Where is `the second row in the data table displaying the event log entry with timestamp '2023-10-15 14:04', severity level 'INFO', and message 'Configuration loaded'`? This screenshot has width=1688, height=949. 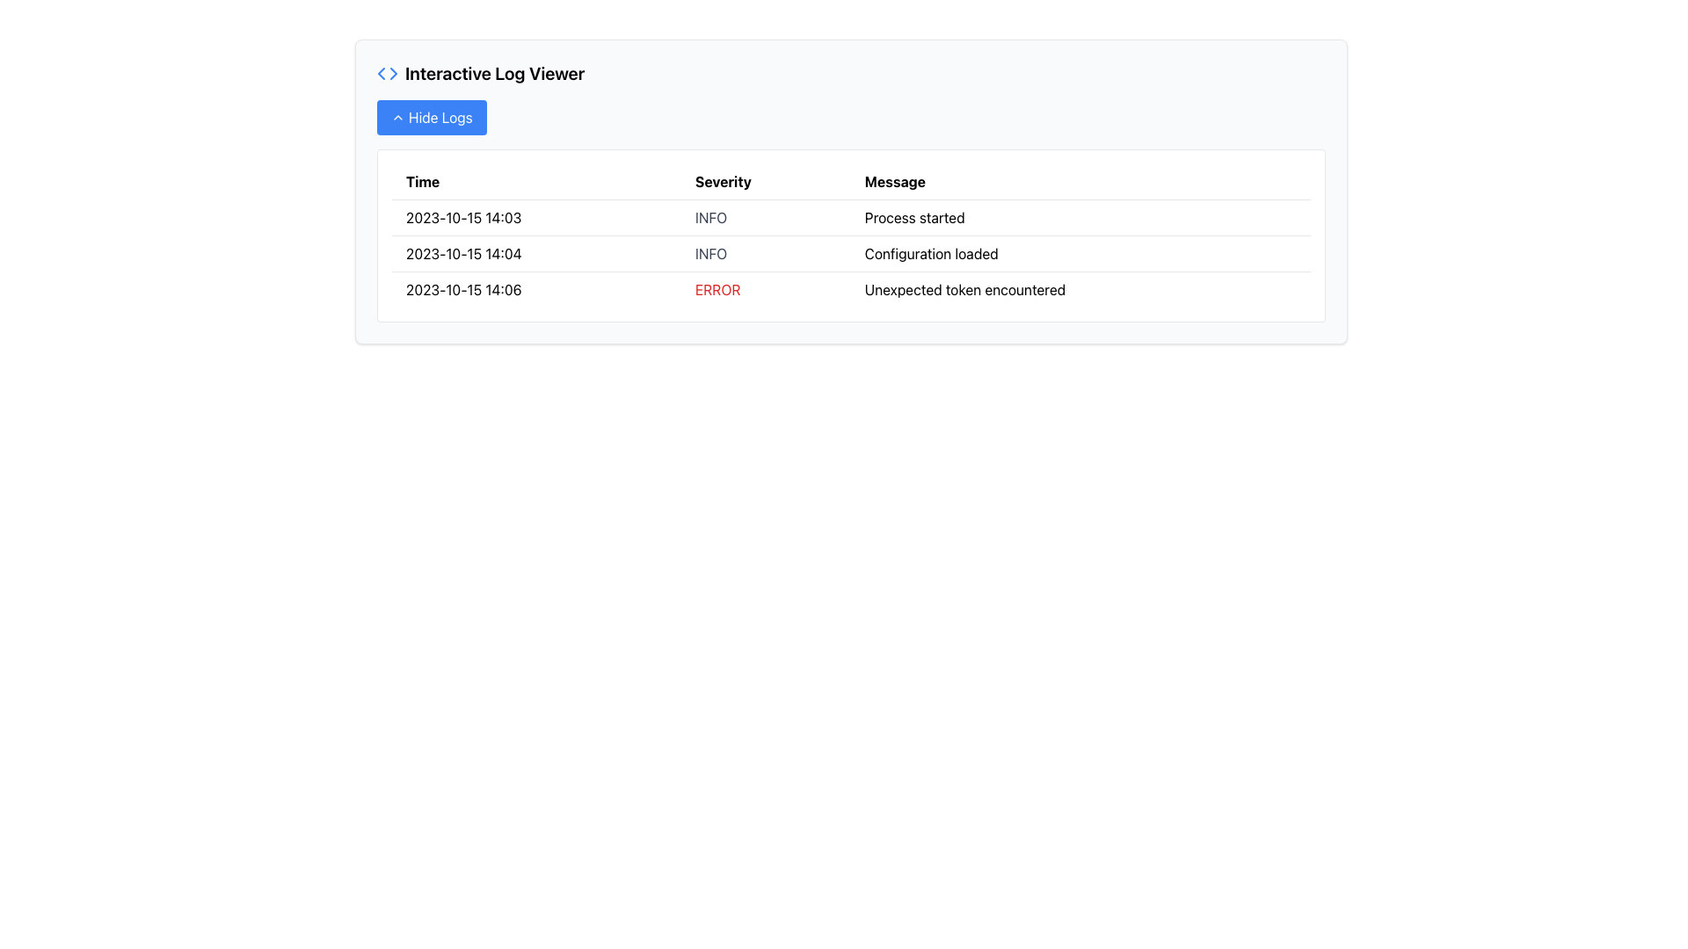 the second row in the data table displaying the event log entry with timestamp '2023-10-15 14:04', severity level 'INFO', and message 'Configuration loaded' is located at coordinates (851, 254).